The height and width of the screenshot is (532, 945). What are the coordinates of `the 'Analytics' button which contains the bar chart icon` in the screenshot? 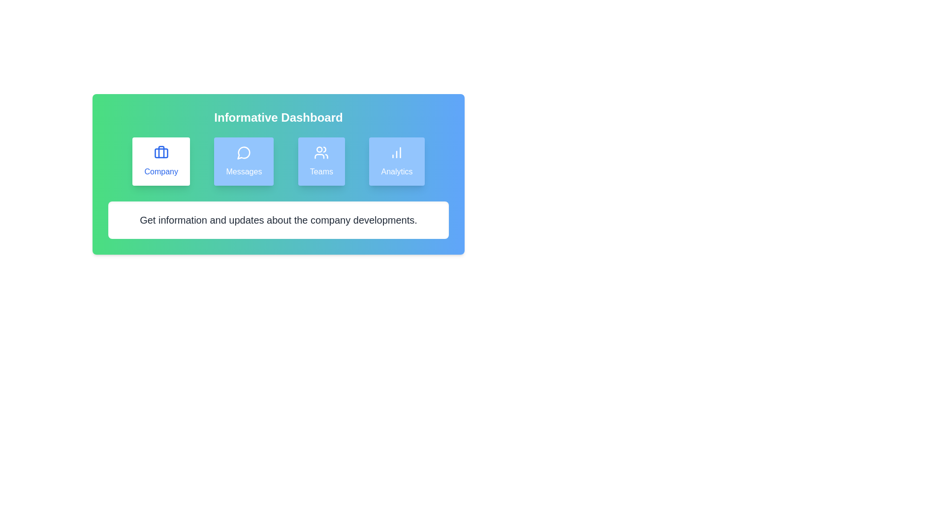 It's located at (397, 152).